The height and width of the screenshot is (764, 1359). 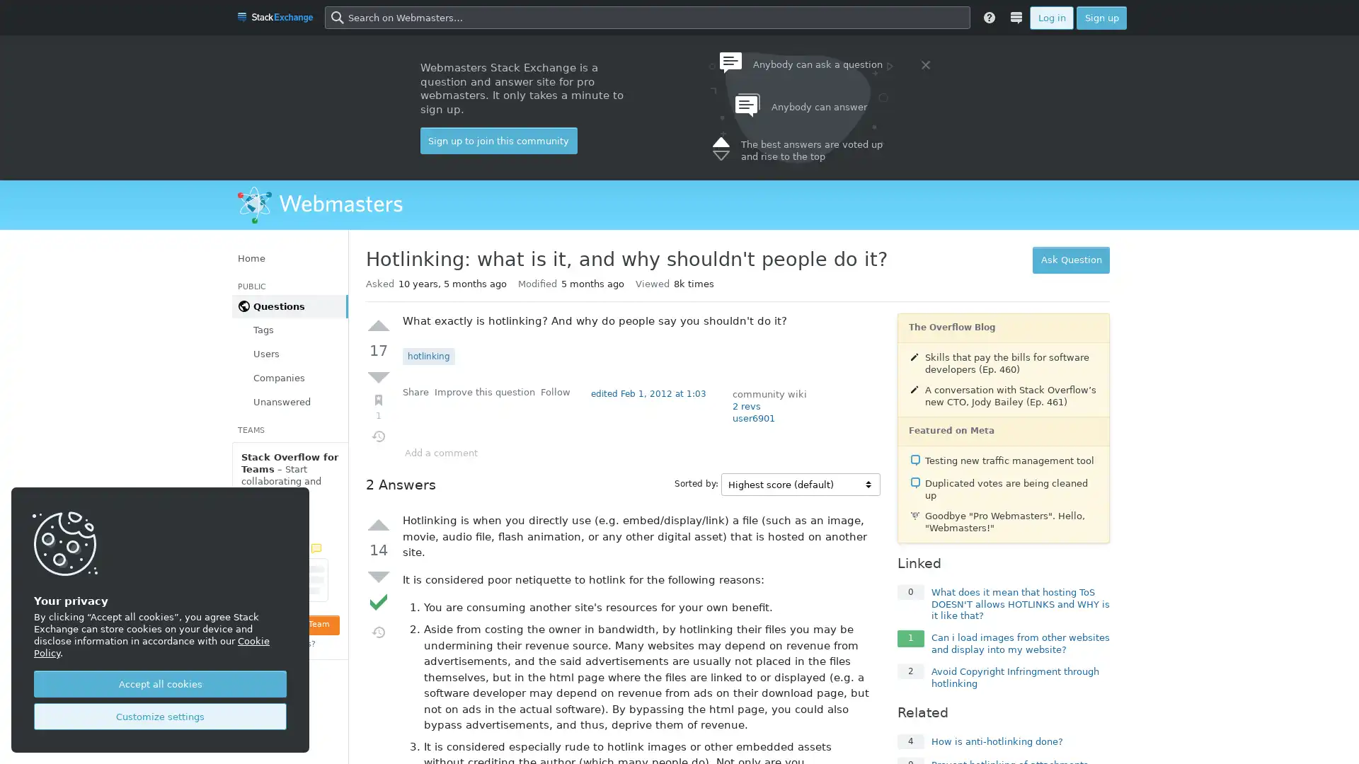 What do you see at coordinates (378, 326) in the screenshot?
I see `Up vote` at bounding box center [378, 326].